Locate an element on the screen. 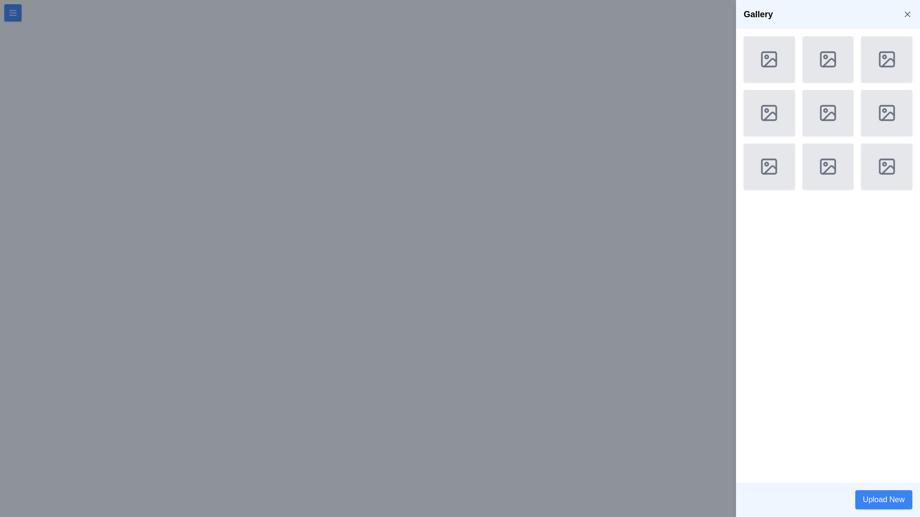  the close button located at the far right of the light-blue banner in the 'Gallery' section to change its color is located at coordinates (907, 14).